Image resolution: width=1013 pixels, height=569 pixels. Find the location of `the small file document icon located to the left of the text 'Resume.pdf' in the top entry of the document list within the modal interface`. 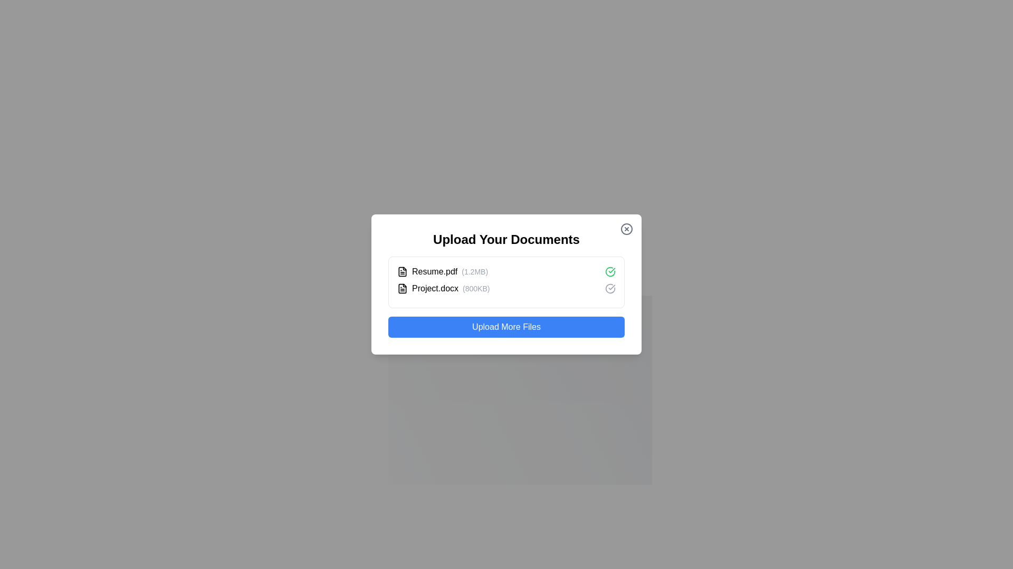

the small file document icon located to the left of the text 'Resume.pdf' in the top entry of the document list within the modal interface is located at coordinates (402, 271).